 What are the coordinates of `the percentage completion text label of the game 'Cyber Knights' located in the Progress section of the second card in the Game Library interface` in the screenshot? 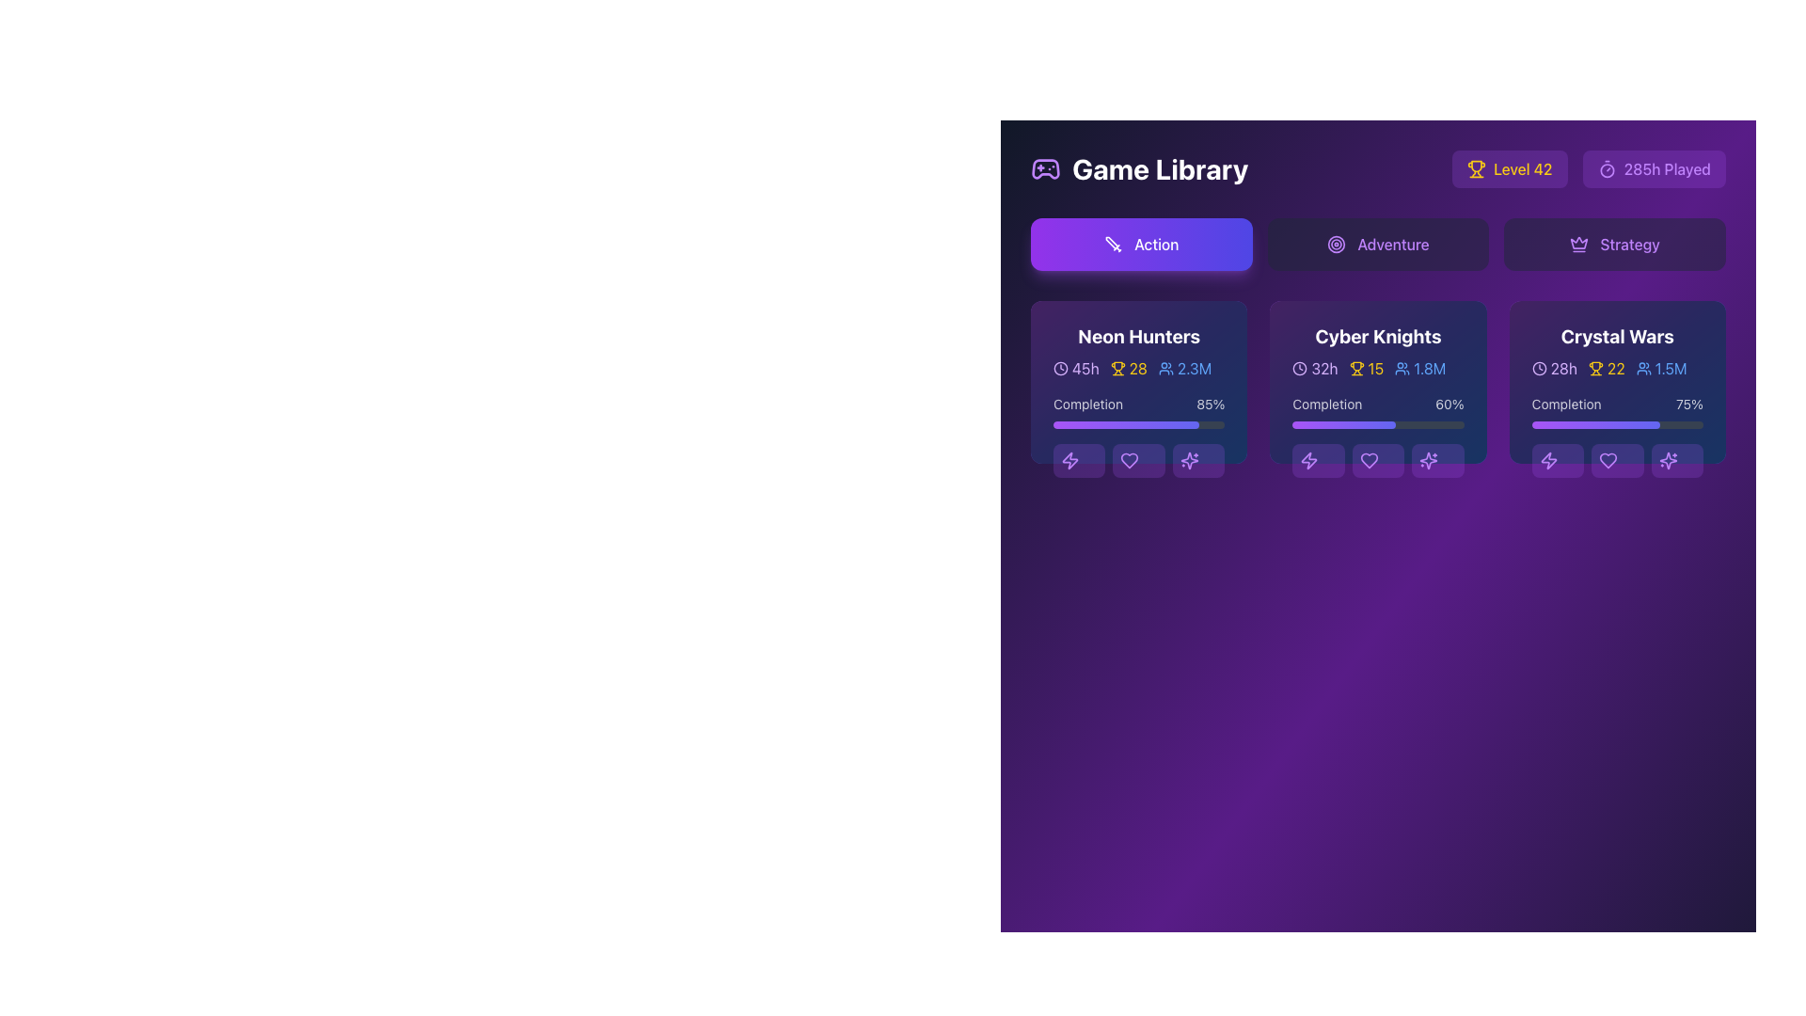 It's located at (1449, 403).